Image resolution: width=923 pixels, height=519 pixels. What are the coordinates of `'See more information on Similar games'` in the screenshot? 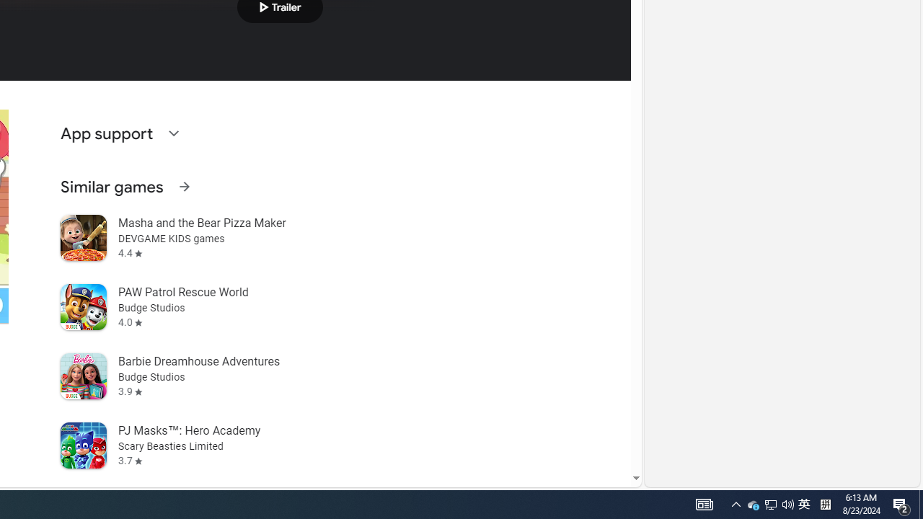 It's located at (183, 185).